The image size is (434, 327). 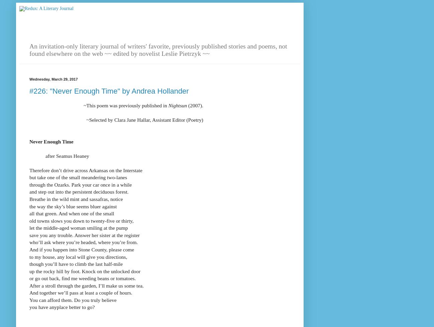 I want to click on 'through the
Ozarks. Park your car once in a while', so click(x=81, y=184).